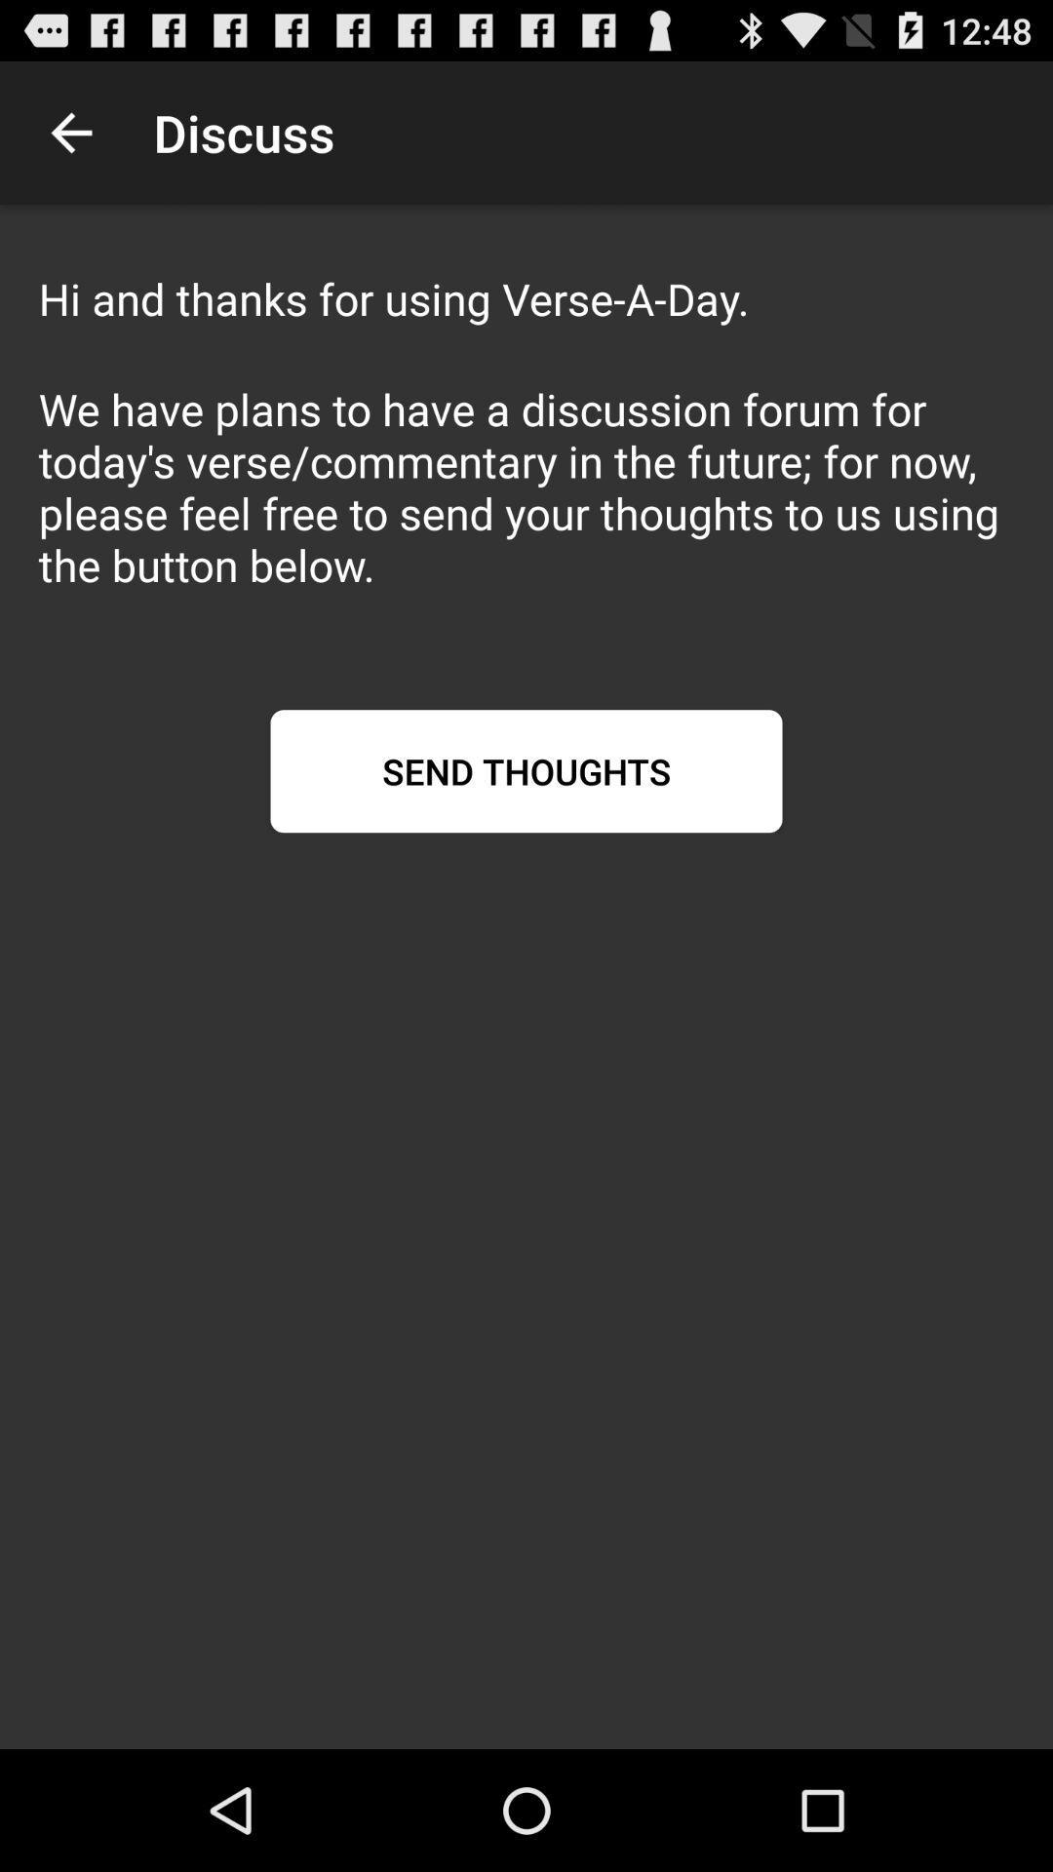  Describe the element at coordinates (70, 132) in the screenshot. I see `app next to discuss` at that location.